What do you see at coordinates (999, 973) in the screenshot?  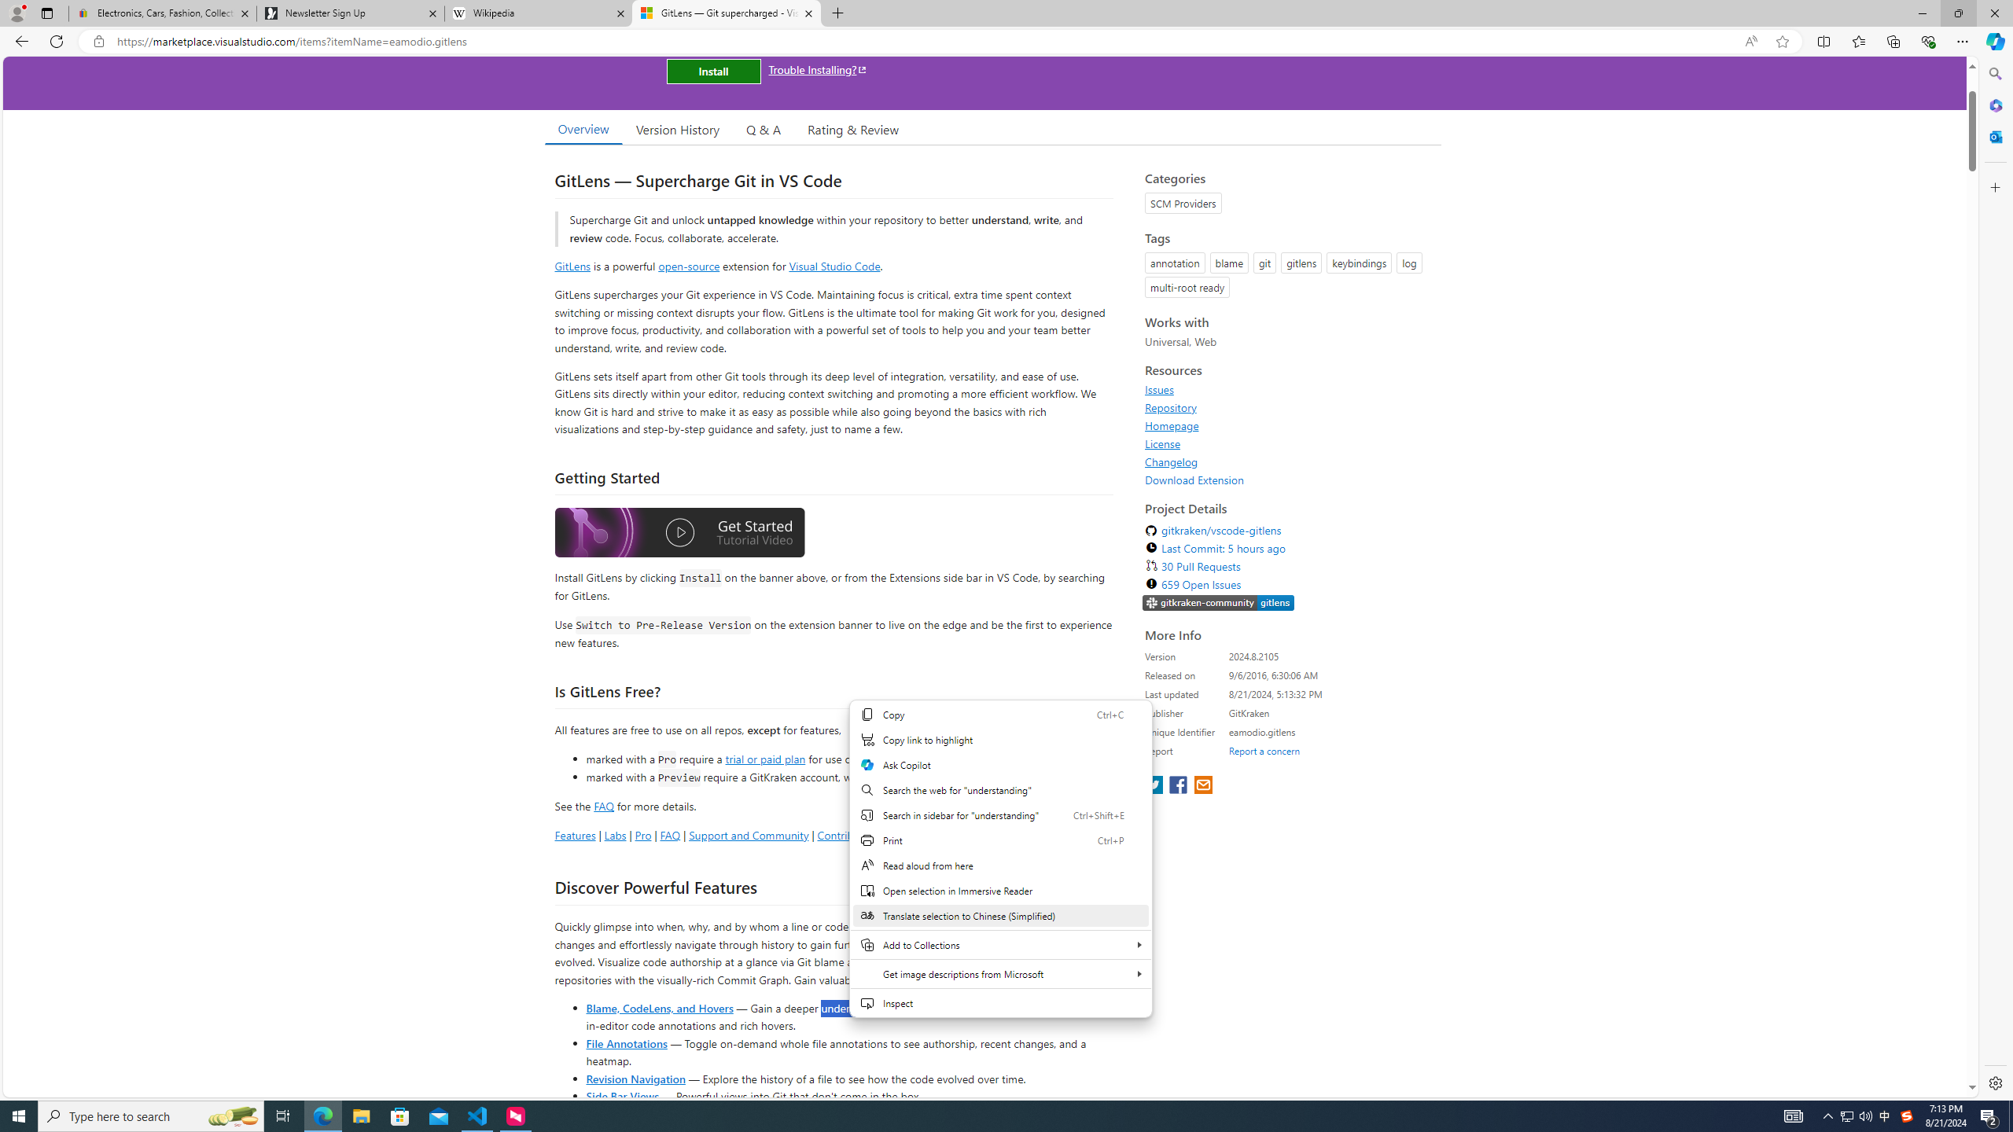 I see `'Get image descriptions from Microsoft'` at bounding box center [999, 973].